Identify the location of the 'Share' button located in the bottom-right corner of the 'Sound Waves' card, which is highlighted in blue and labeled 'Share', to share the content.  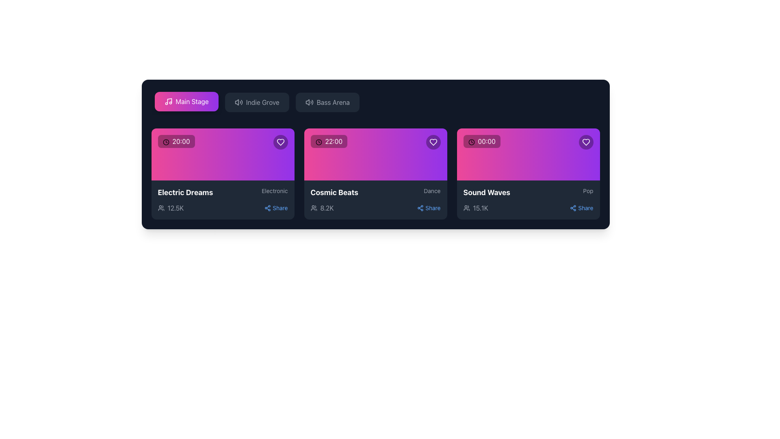
(581, 208).